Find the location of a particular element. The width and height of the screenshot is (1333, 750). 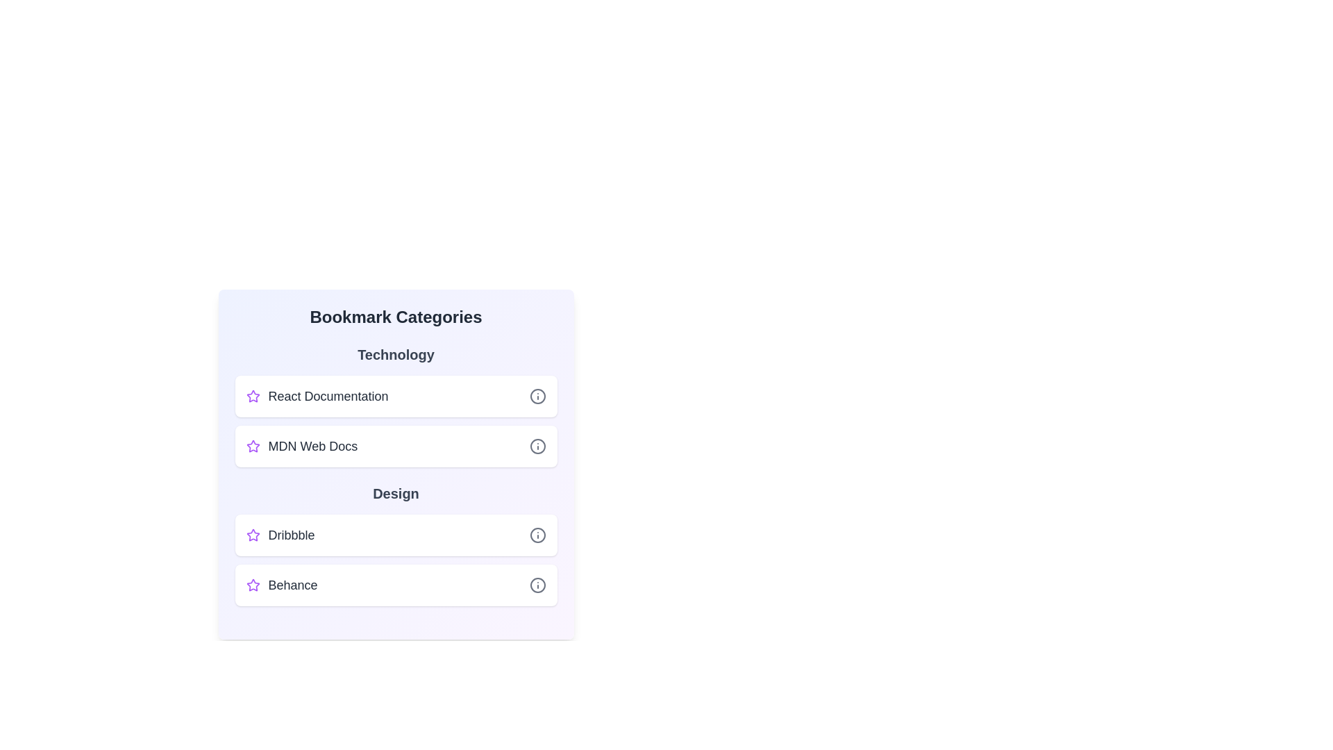

the bookmark titled React Documentation is located at coordinates (395, 396).